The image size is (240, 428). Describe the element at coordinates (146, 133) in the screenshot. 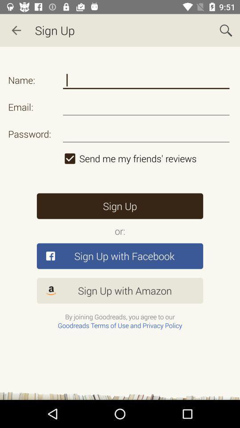

I see `the field which is right to the text password` at that location.